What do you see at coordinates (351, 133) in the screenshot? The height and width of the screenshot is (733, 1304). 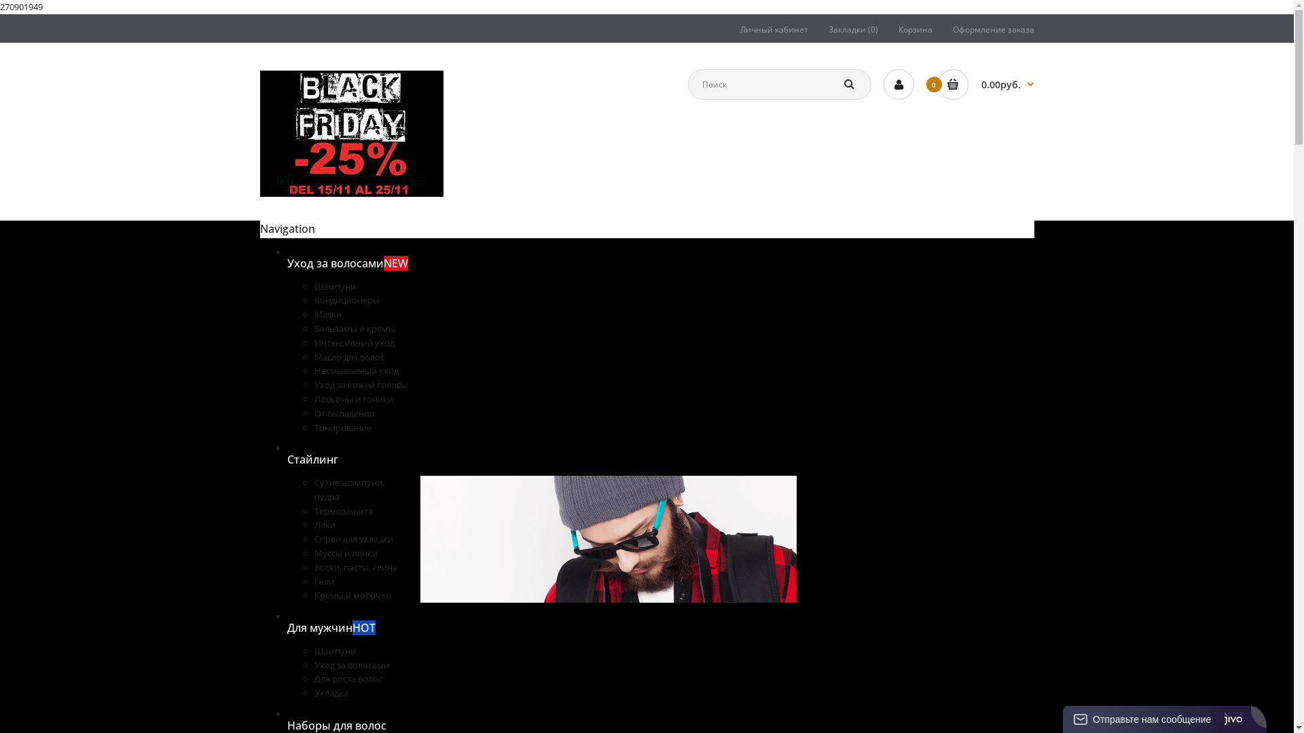 I see `'Vipcosmetics'` at bounding box center [351, 133].